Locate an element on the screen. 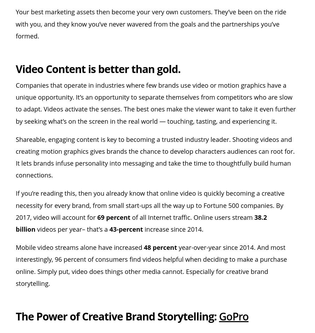 The image size is (315, 333). '38.2 billion' is located at coordinates (141, 223).